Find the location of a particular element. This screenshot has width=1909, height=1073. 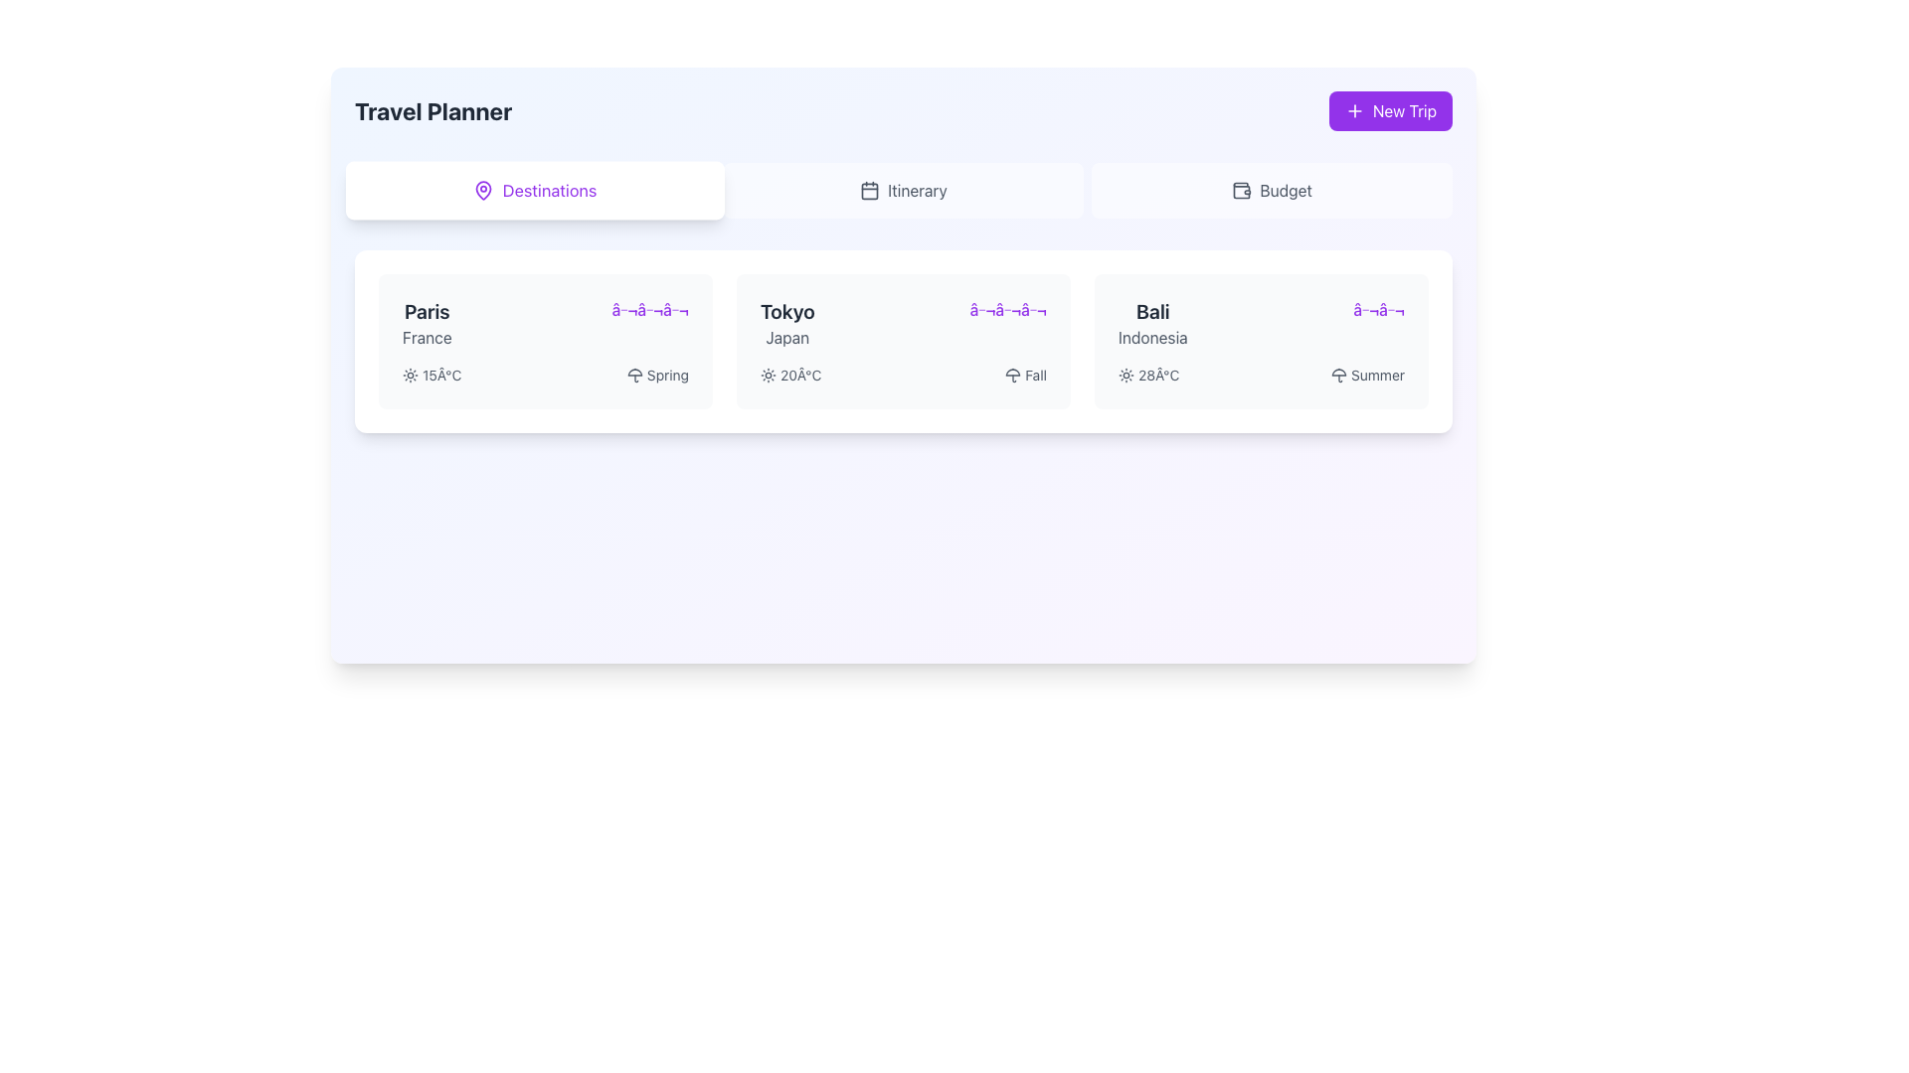

the static text label that identifies 'Bali, Indonesia' within the travel planning interface, located in the third card of destination cards is located at coordinates (1152, 323).